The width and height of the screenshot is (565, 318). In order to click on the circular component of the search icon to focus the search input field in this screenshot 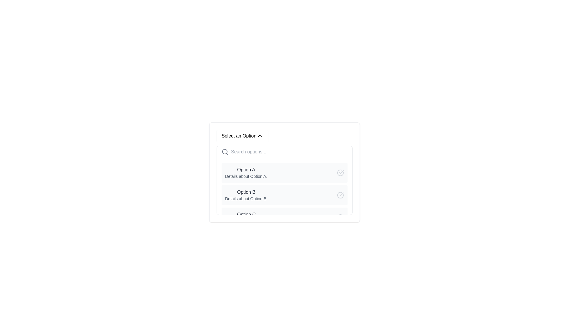, I will do `click(224, 151)`.